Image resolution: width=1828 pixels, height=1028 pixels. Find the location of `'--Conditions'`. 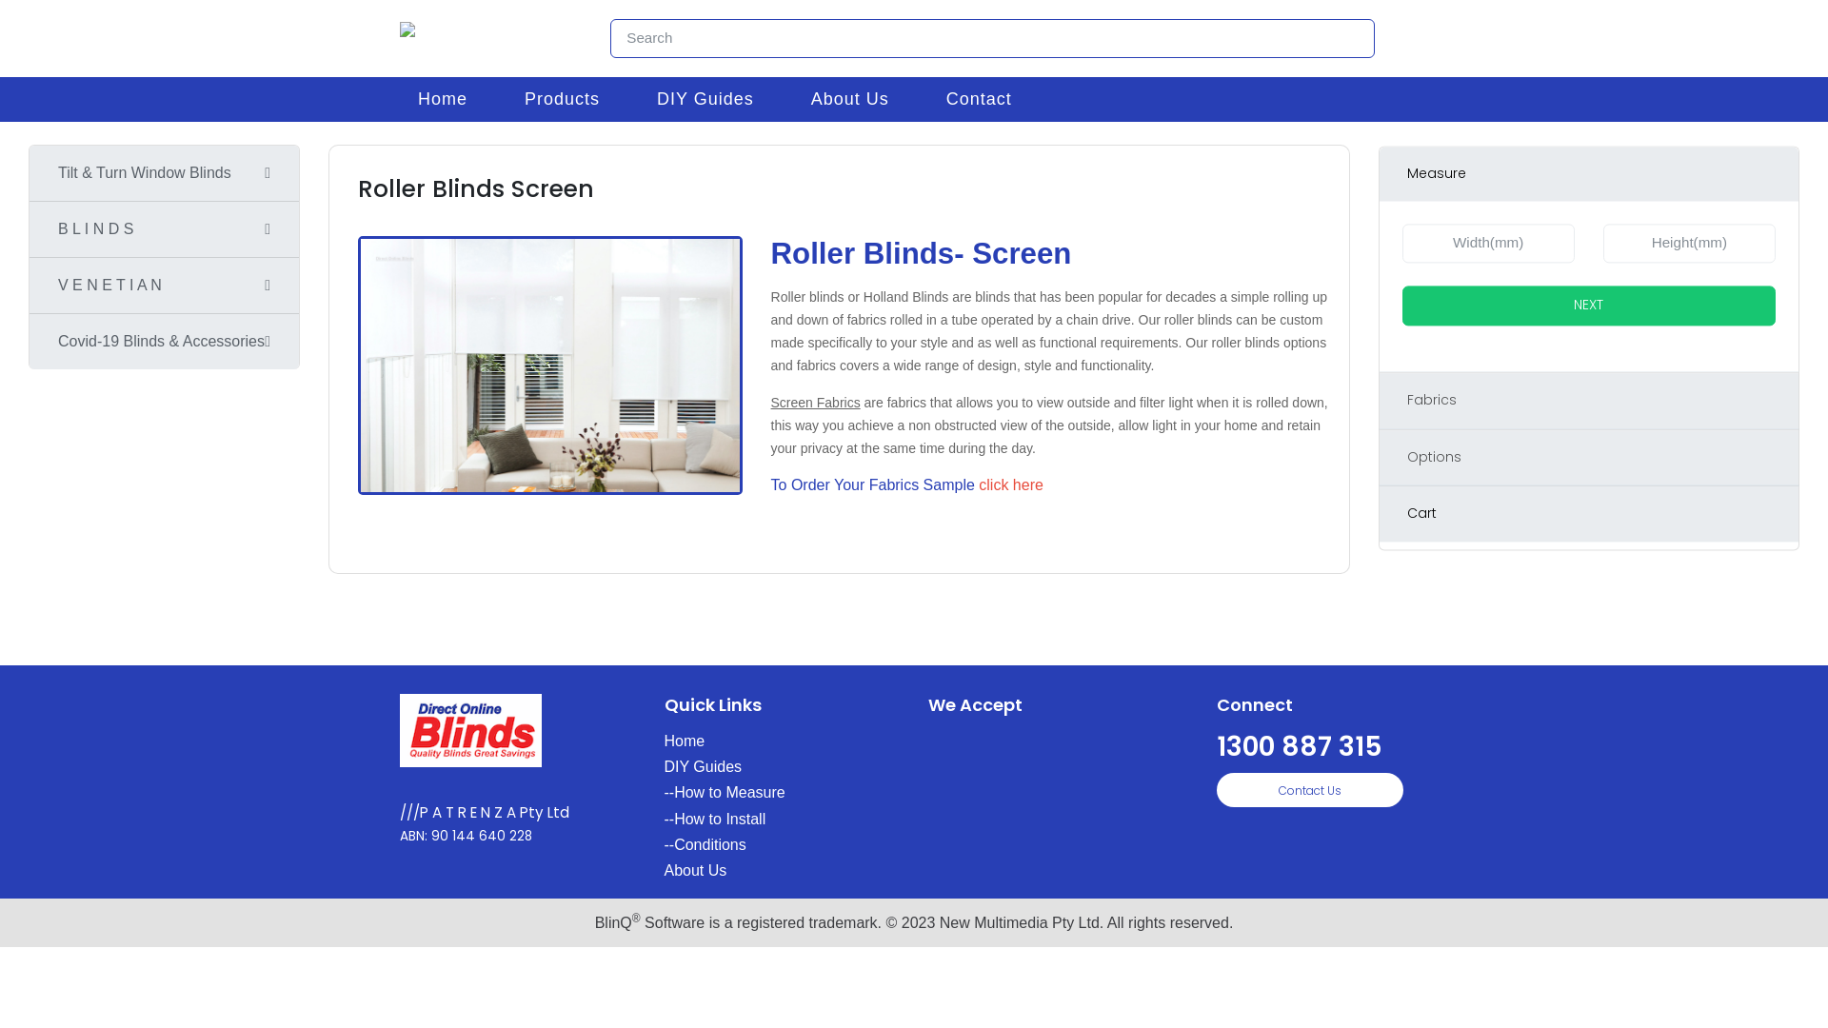

'--Conditions' is located at coordinates (664, 843).